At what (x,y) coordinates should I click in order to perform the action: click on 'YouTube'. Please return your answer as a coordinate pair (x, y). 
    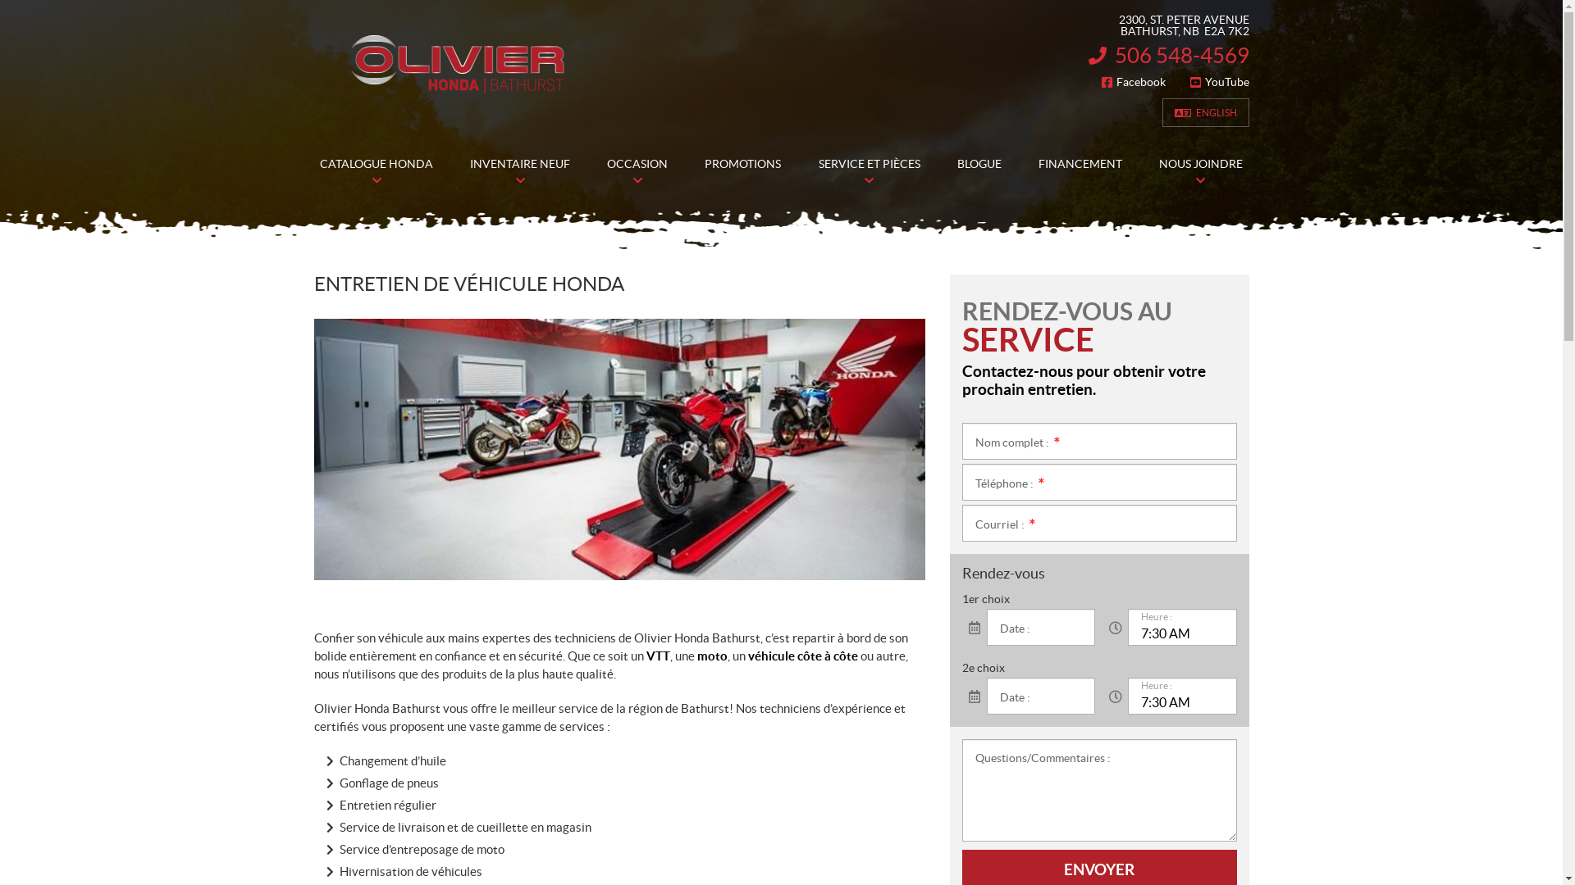
    Looking at the image, I should click on (1219, 82).